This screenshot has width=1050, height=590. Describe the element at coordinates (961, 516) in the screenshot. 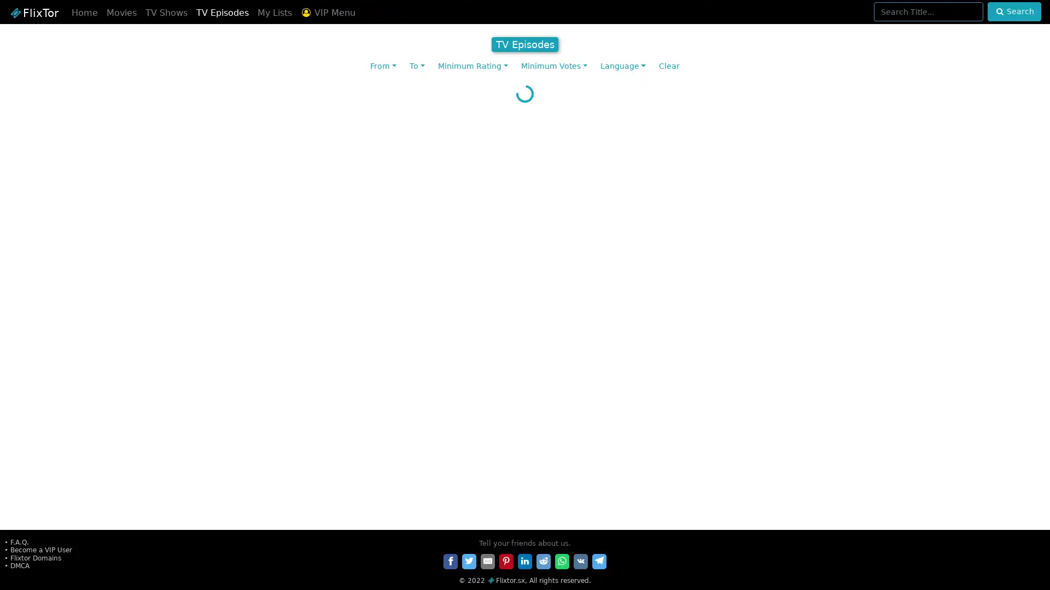

I see `Watch Now` at that location.